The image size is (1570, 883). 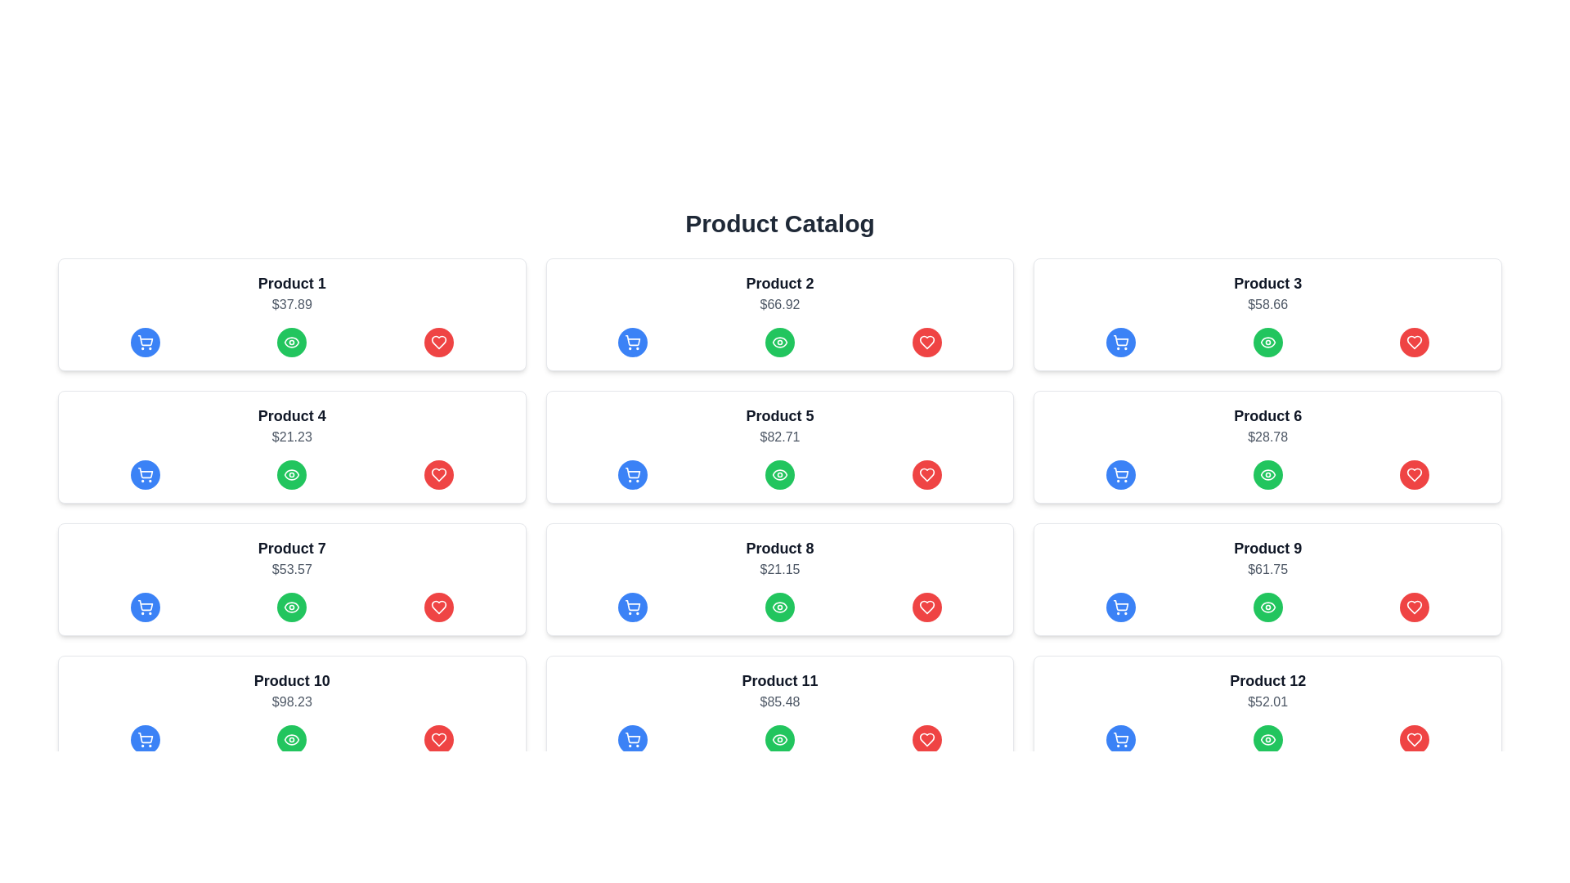 I want to click on the circular green button with an eye icon located in the central column of the third row in the grid of buttons, so click(x=779, y=607).